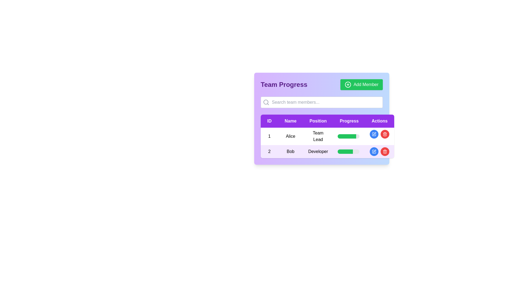 The image size is (522, 294). What do you see at coordinates (374, 134) in the screenshot?
I see `the edit button for user 'Bob' located in the 'Actions' column of the second row` at bounding box center [374, 134].